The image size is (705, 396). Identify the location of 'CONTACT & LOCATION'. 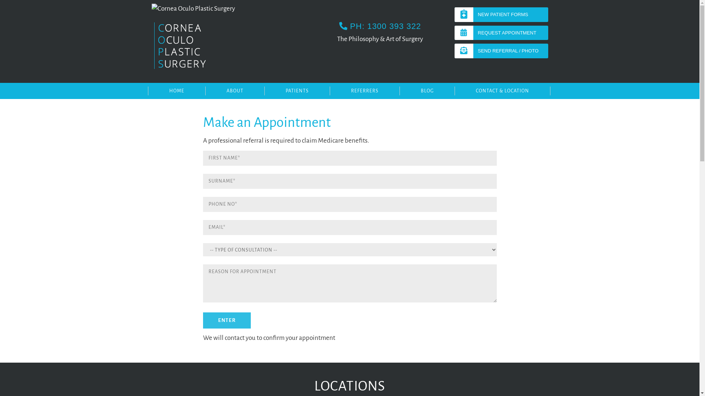
(454, 90).